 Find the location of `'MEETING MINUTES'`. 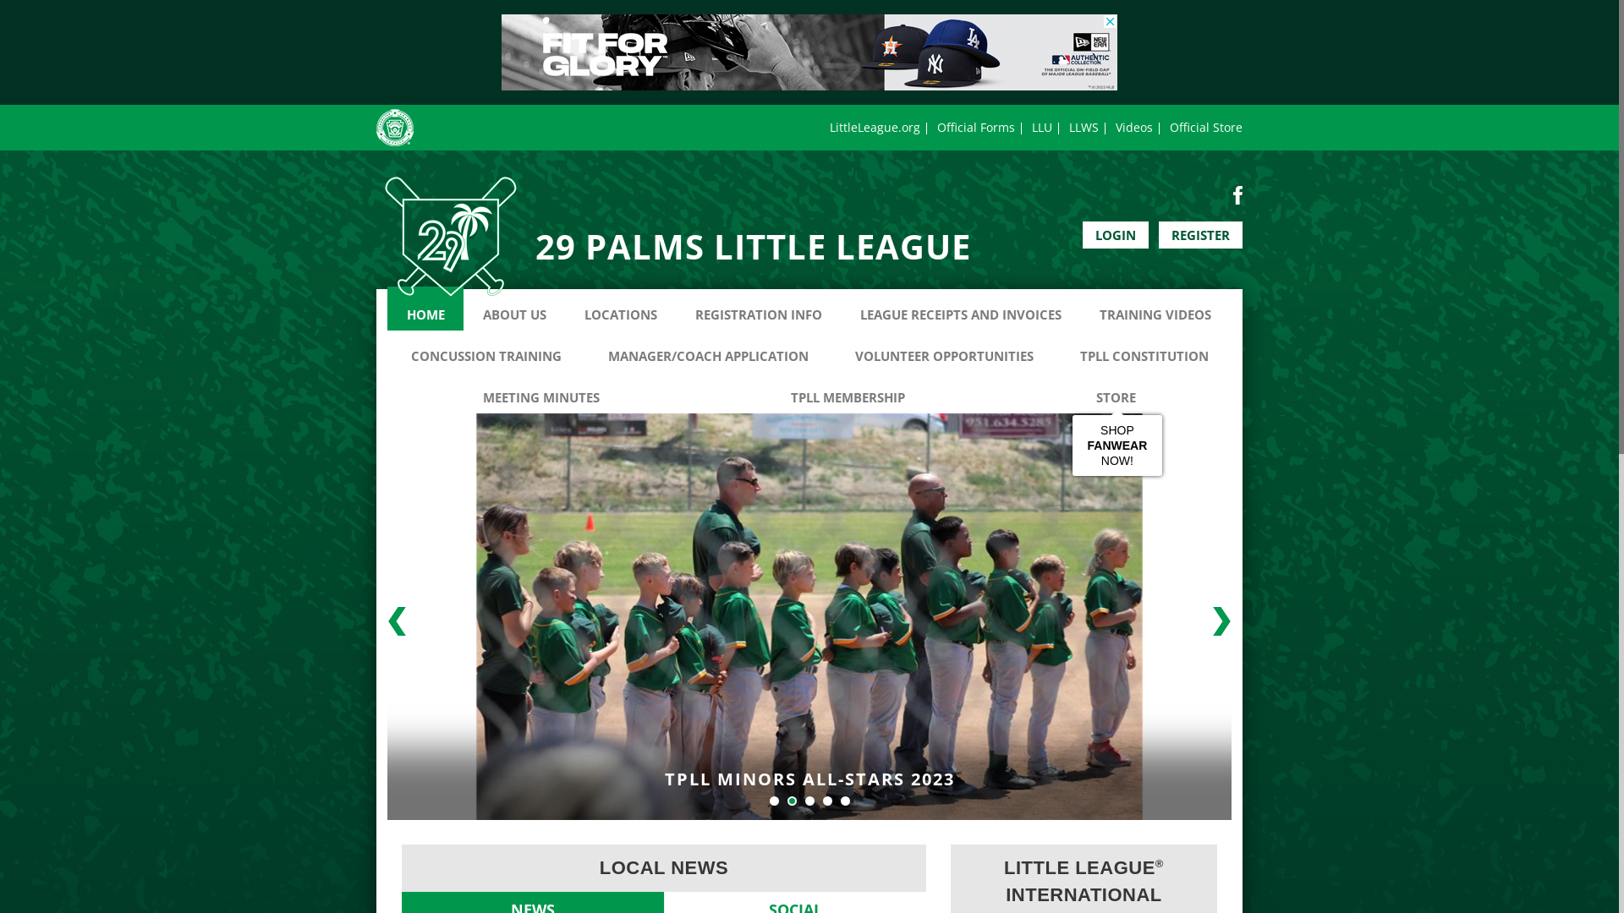

'MEETING MINUTES' is located at coordinates (540, 391).